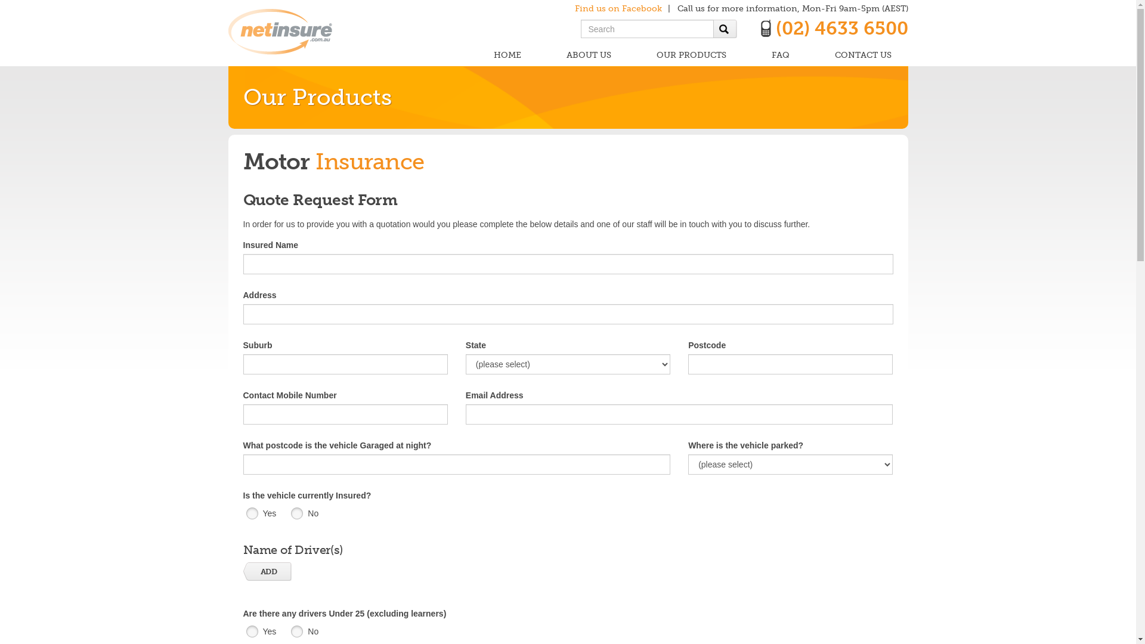 This screenshot has width=1145, height=644. I want to click on 'CONTACT US', so click(818, 55).